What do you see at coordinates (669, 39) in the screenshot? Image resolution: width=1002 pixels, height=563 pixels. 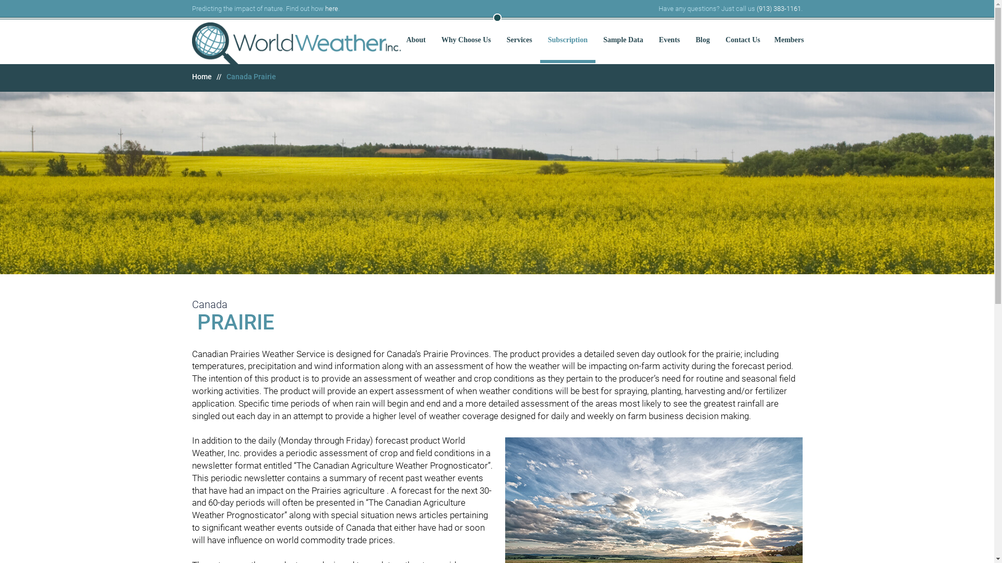 I see `'Events'` at bounding box center [669, 39].